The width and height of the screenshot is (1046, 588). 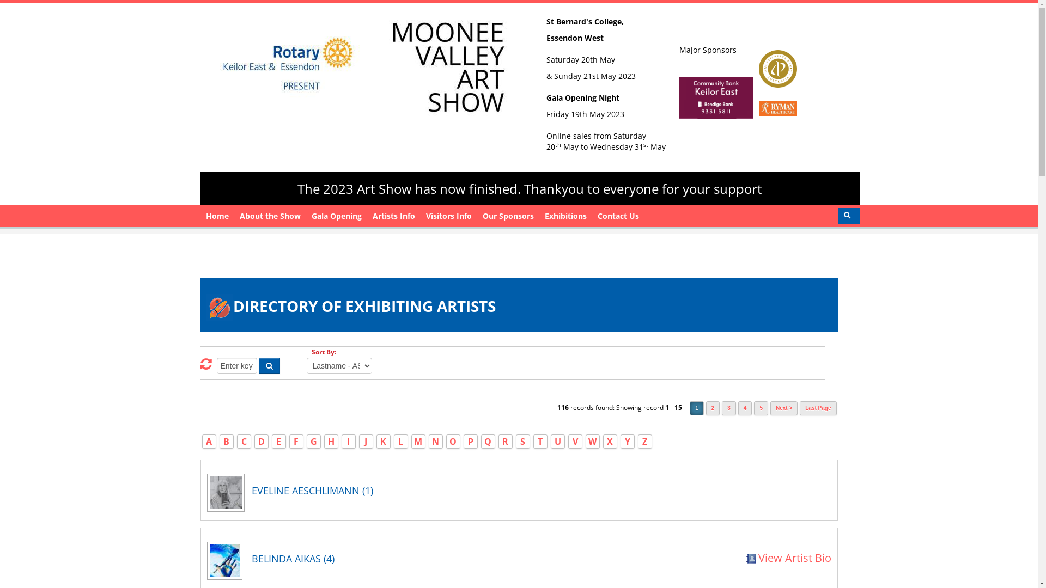 What do you see at coordinates (226, 441) in the screenshot?
I see `'B'` at bounding box center [226, 441].